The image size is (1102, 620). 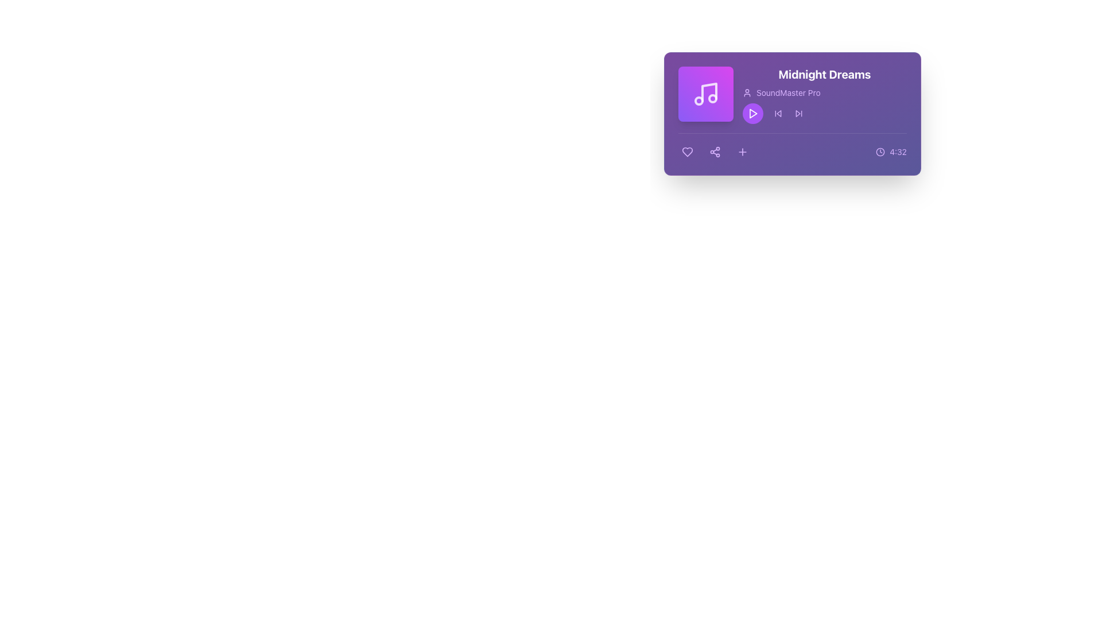 I want to click on the SVG circle element that represents the clock face design, located towards the bottom-right of the playback widget, near the timestamp text '4:32', so click(x=880, y=152).